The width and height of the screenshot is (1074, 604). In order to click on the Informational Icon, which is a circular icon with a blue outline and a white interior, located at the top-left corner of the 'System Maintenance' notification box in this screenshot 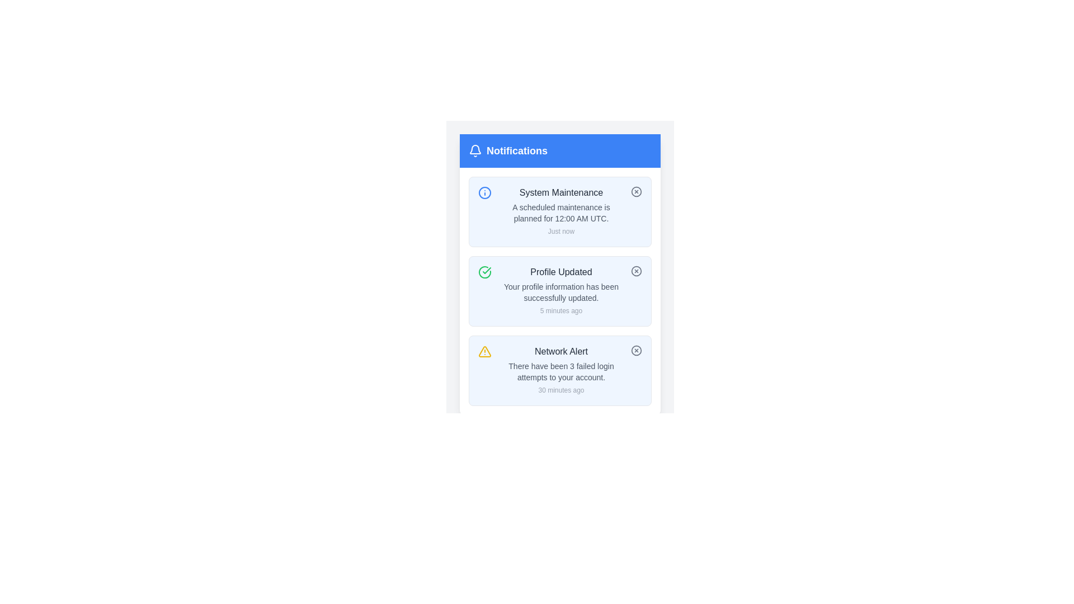, I will do `click(485, 192)`.